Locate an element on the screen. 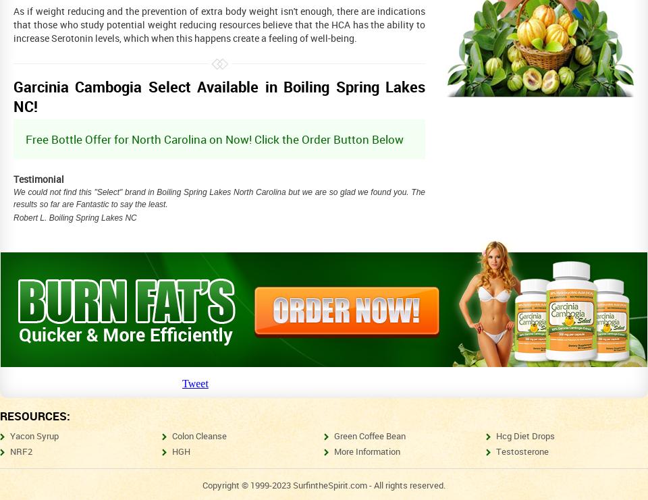 This screenshot has width=648, height=500. 'We could not find this "Select" brand in Boiling Spring Lakes North Carolina but we are so glad we found you. The results so far are Fantastic to say the least.' is located at coordinates (12, 198).